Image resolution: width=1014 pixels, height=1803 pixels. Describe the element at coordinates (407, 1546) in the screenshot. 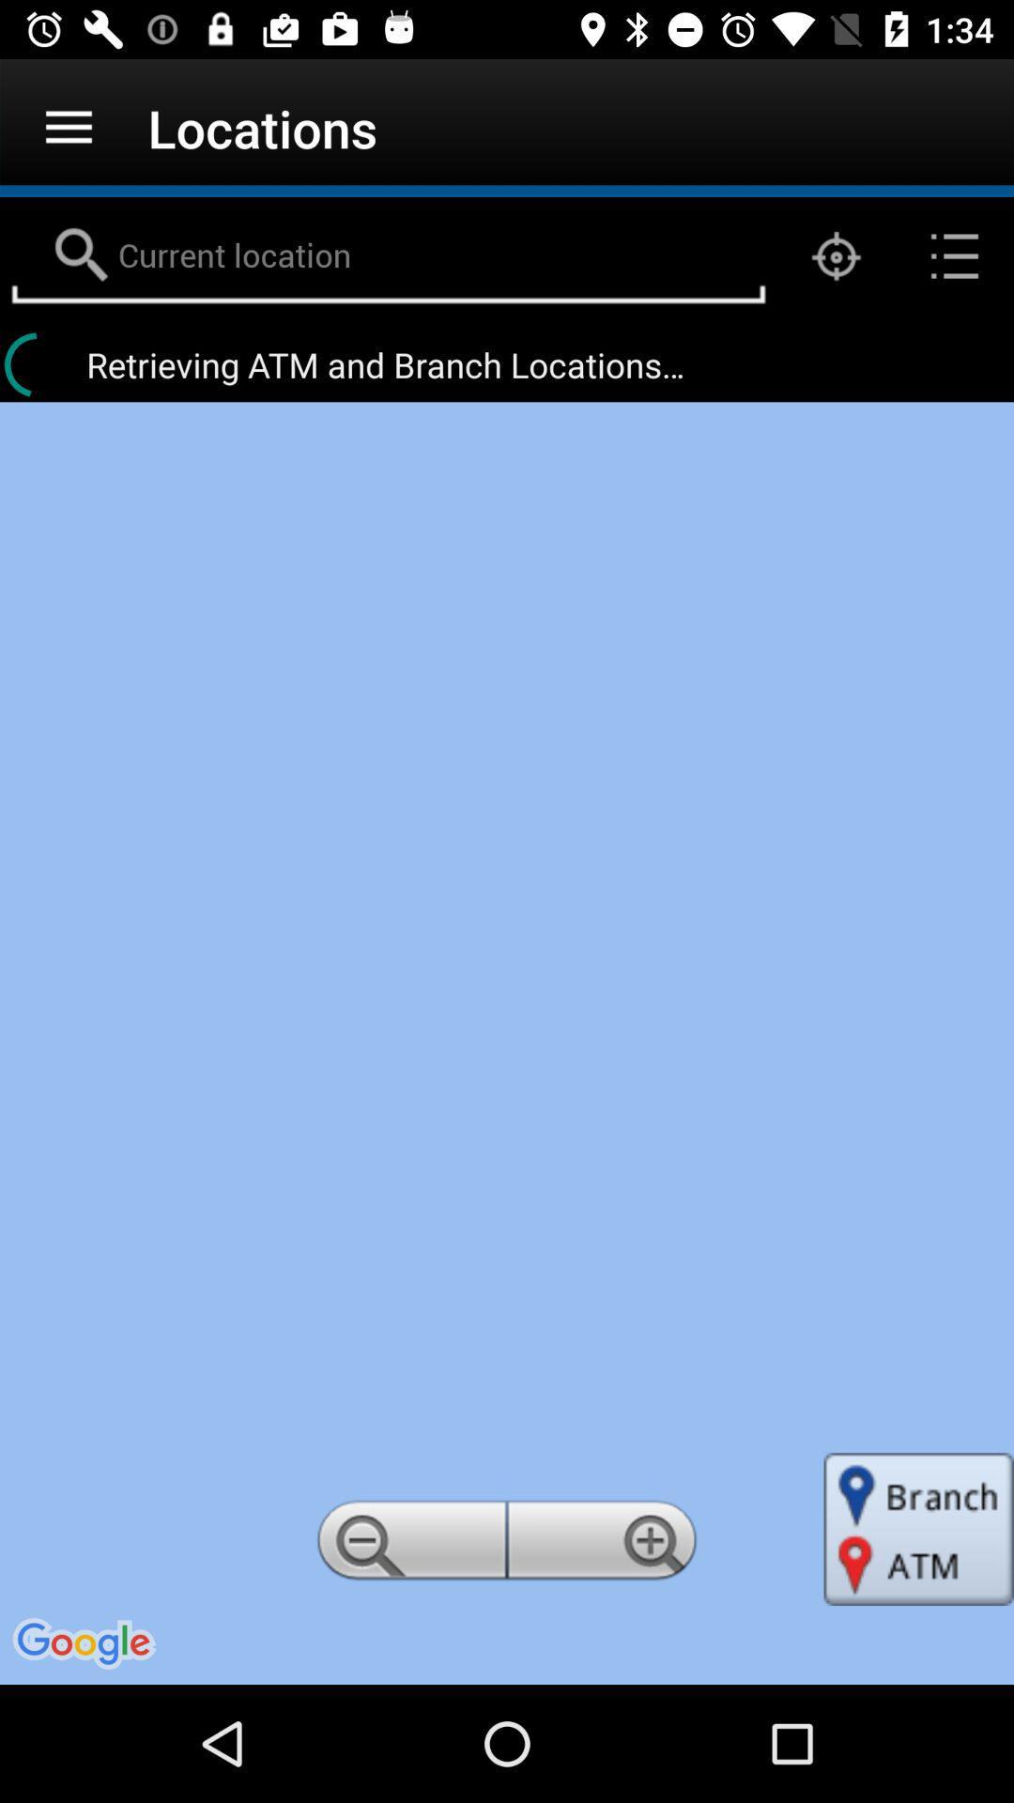

I see `decrease zoom` at that location.